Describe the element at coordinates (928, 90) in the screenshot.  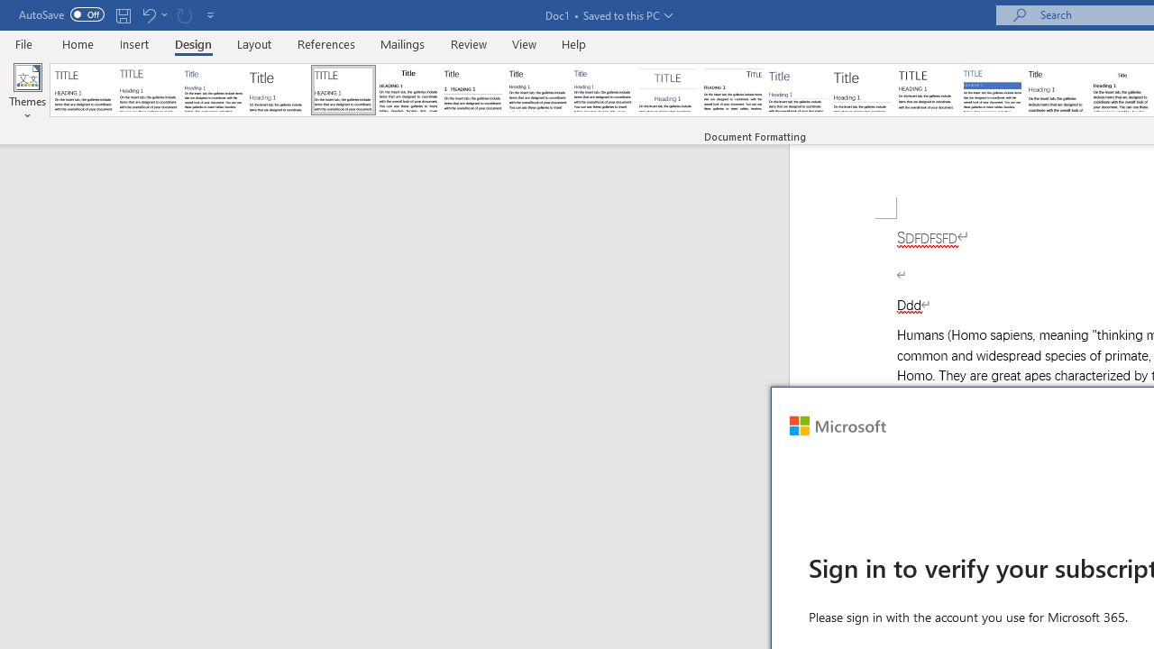
I see `'Minimalist'` at that location.